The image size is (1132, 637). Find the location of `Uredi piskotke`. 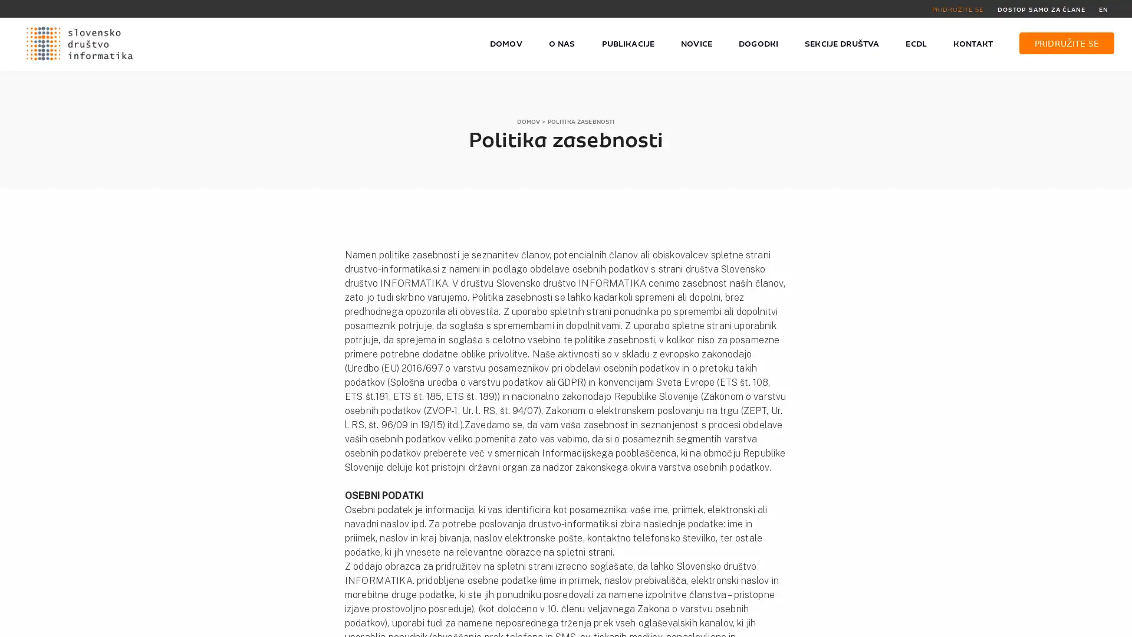

Uredi piskotke is located at coordinates (837, 621).